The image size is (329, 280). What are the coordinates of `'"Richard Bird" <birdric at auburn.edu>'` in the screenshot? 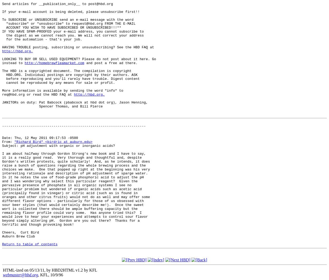 It's located at (53, 141).